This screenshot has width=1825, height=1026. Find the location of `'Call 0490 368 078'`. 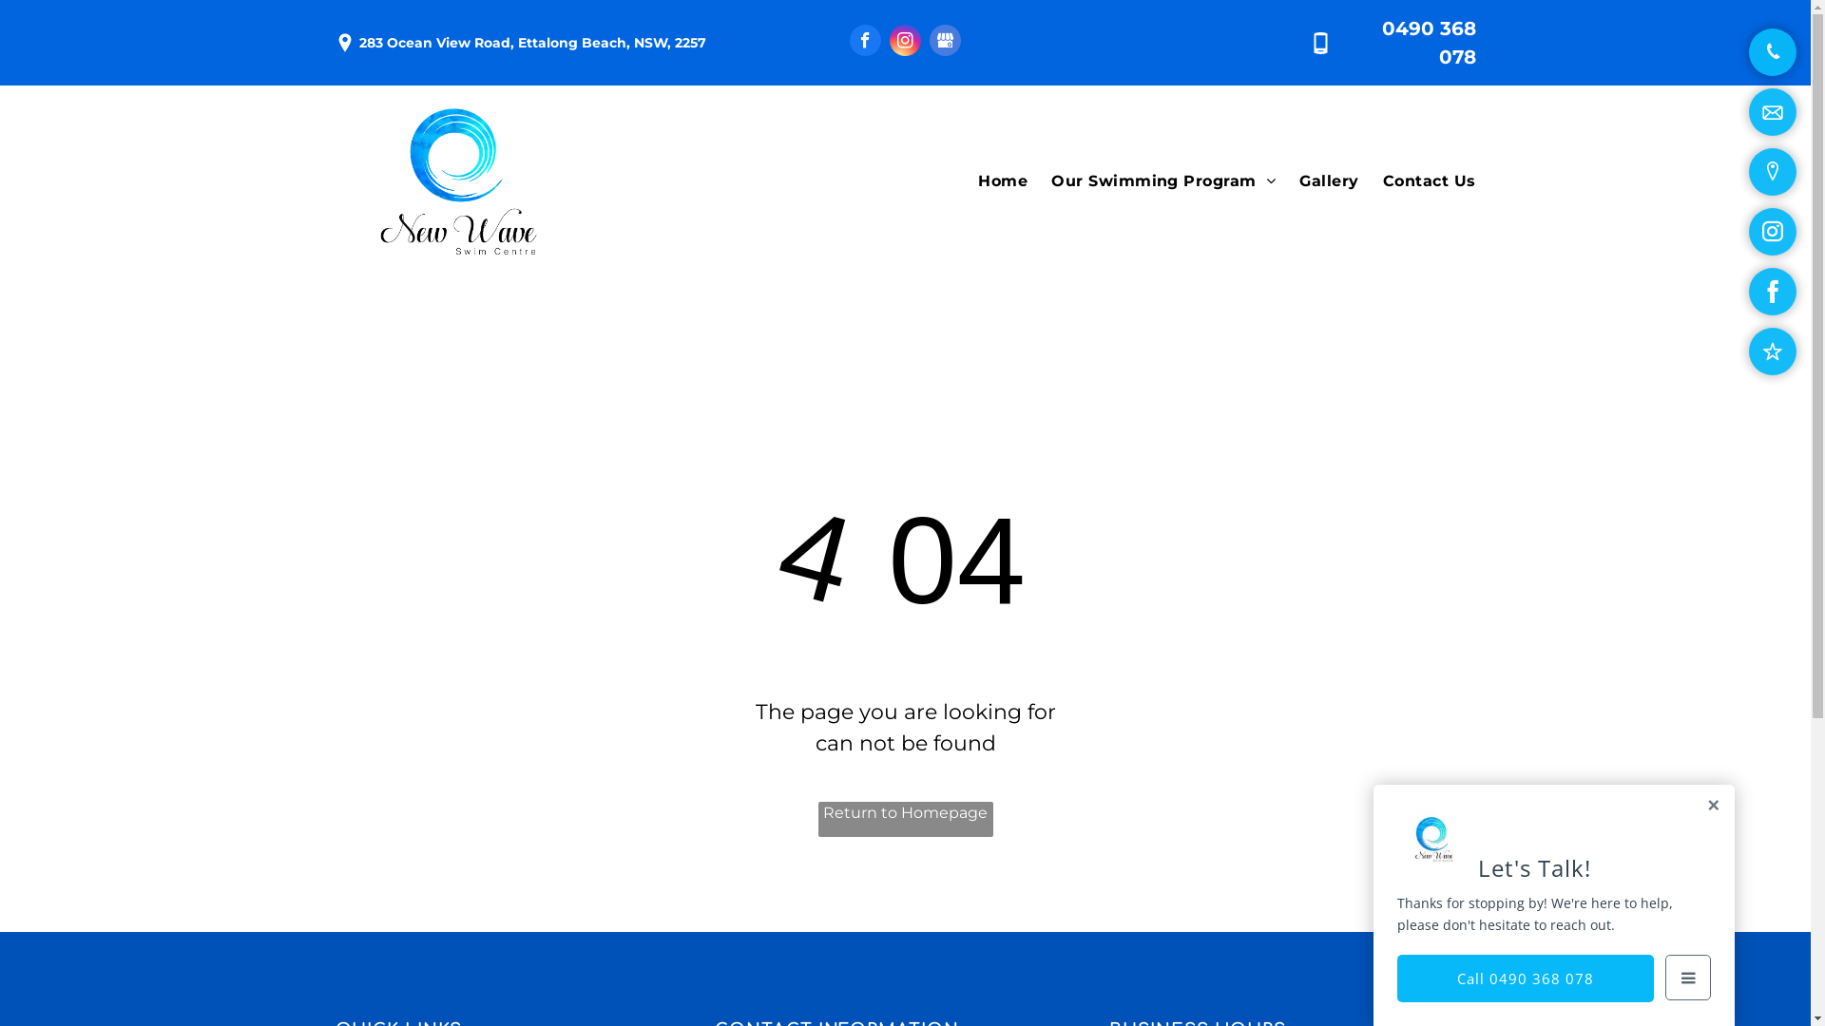

'Call 0490 368 078' is located at coordinates (1396, 978).